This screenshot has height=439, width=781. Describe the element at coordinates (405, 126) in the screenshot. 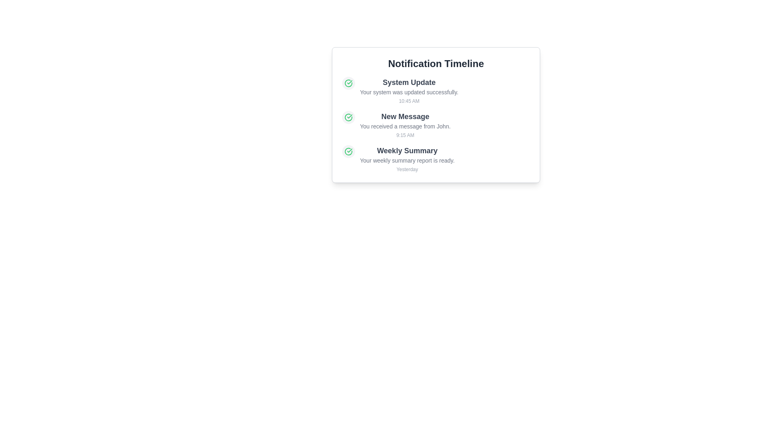

I see `the descriptive text element that indicates the content or context of a received message, located below the 'New Message' header and above the '9:15 AM' timestamp` at that location.